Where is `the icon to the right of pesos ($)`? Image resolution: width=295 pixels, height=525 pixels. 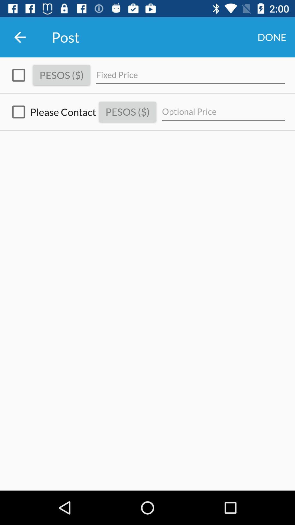 the icon to the right of pesos ($) is located at coordinates (223, 112).